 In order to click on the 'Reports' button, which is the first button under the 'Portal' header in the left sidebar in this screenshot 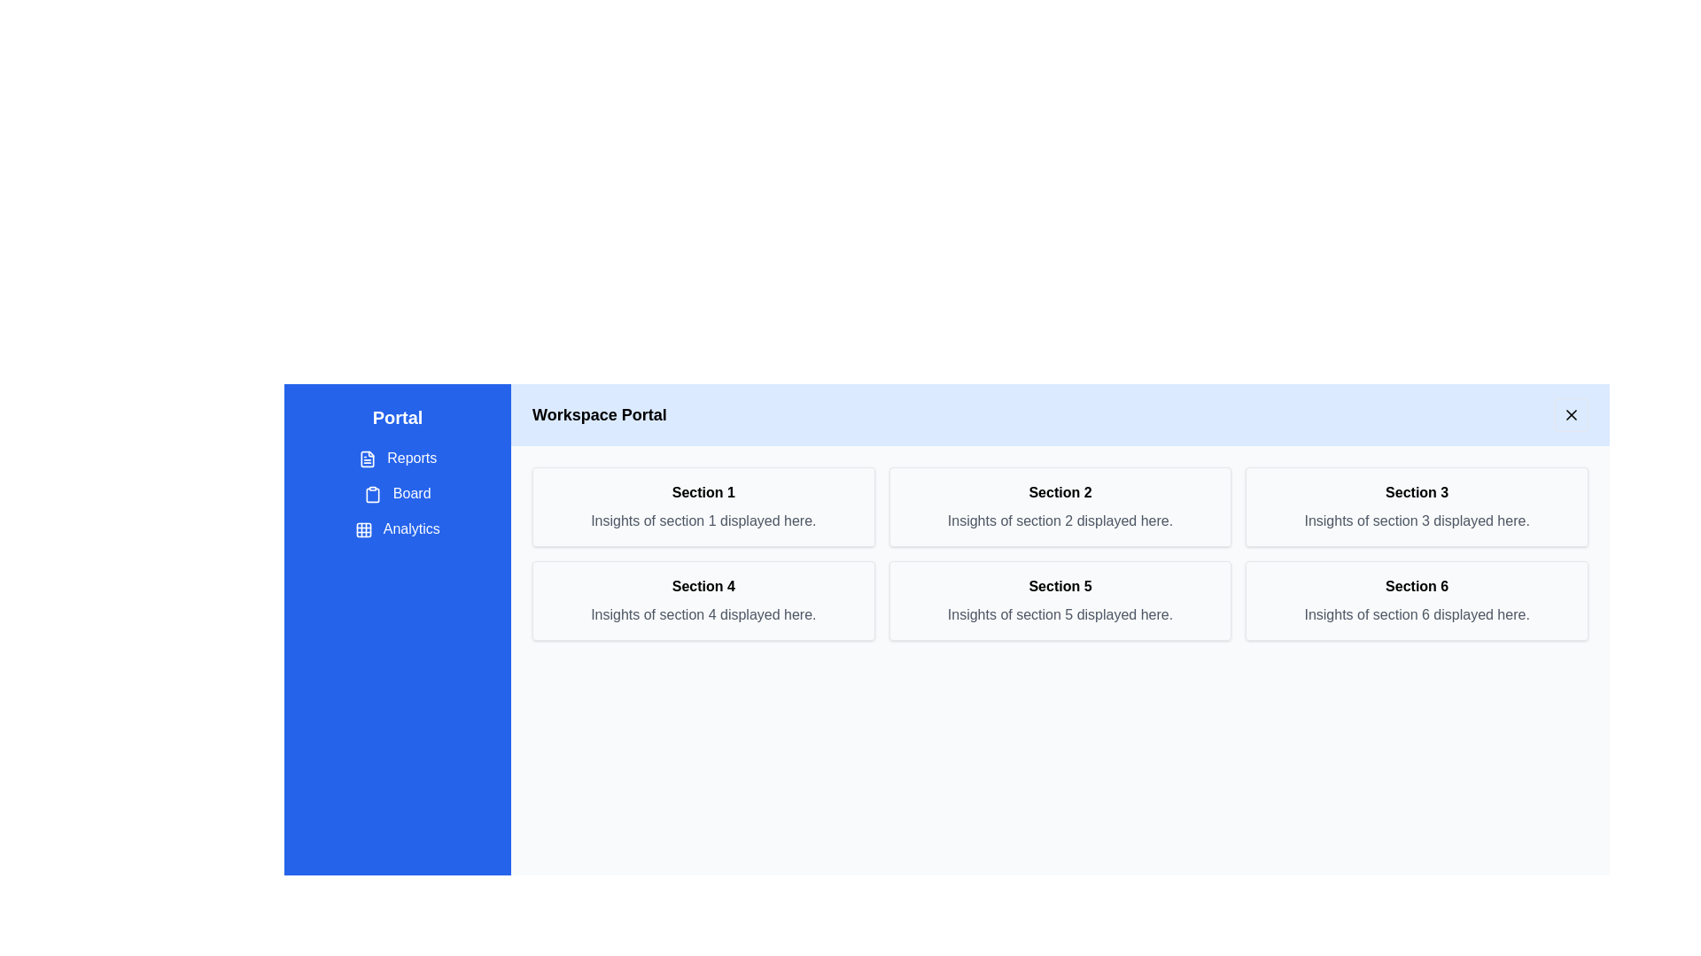, I will do `click(397, 457)`.